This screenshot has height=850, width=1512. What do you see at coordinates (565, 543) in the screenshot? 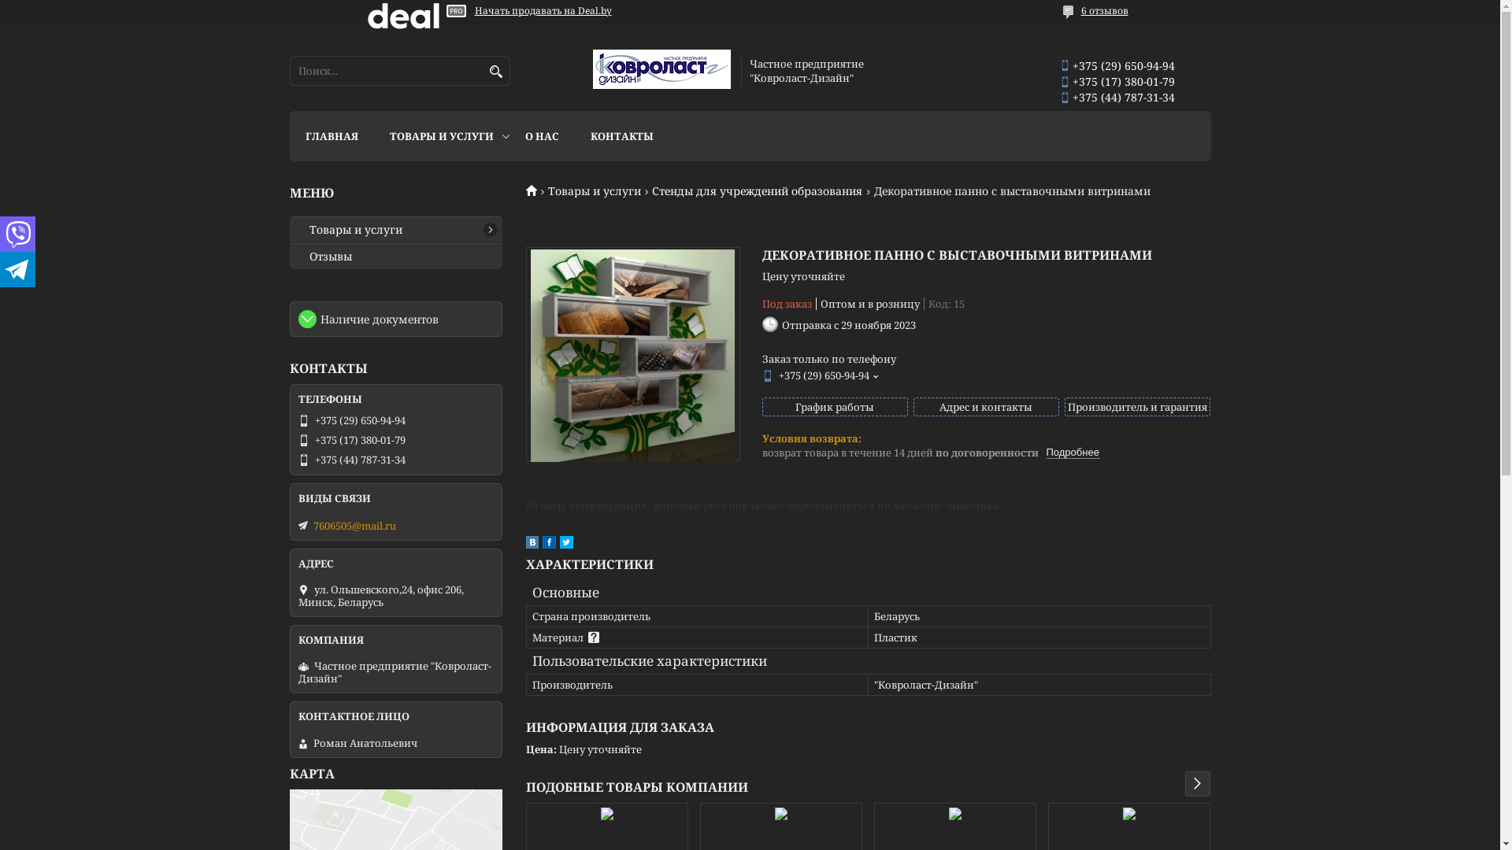
I see `'twitter'` at bounding box center [565, 543].